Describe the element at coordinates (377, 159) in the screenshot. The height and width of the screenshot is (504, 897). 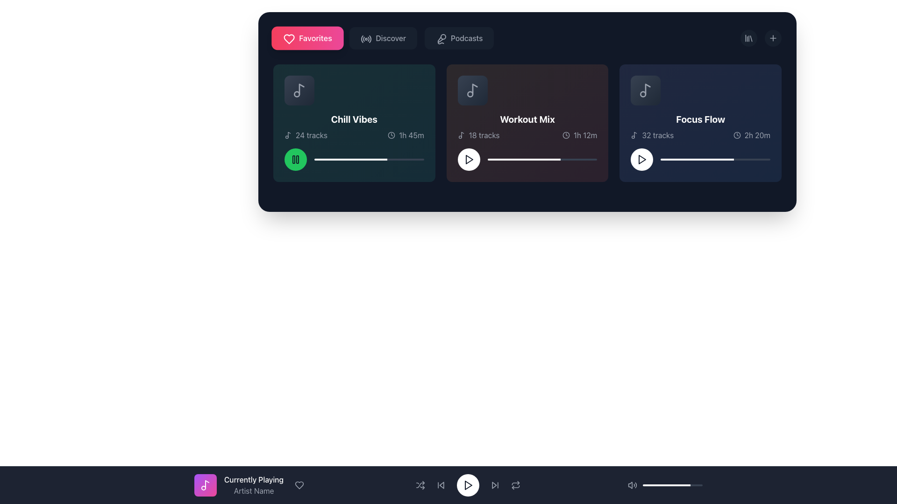
I see `the slider` at that location.